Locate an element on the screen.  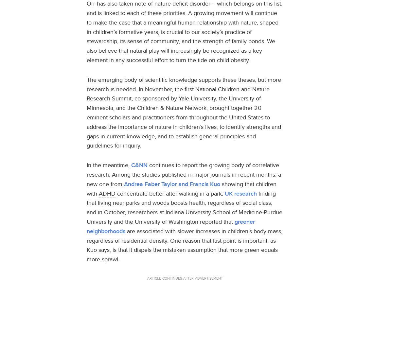
'C&NN' is located at coordinates (131, 165).